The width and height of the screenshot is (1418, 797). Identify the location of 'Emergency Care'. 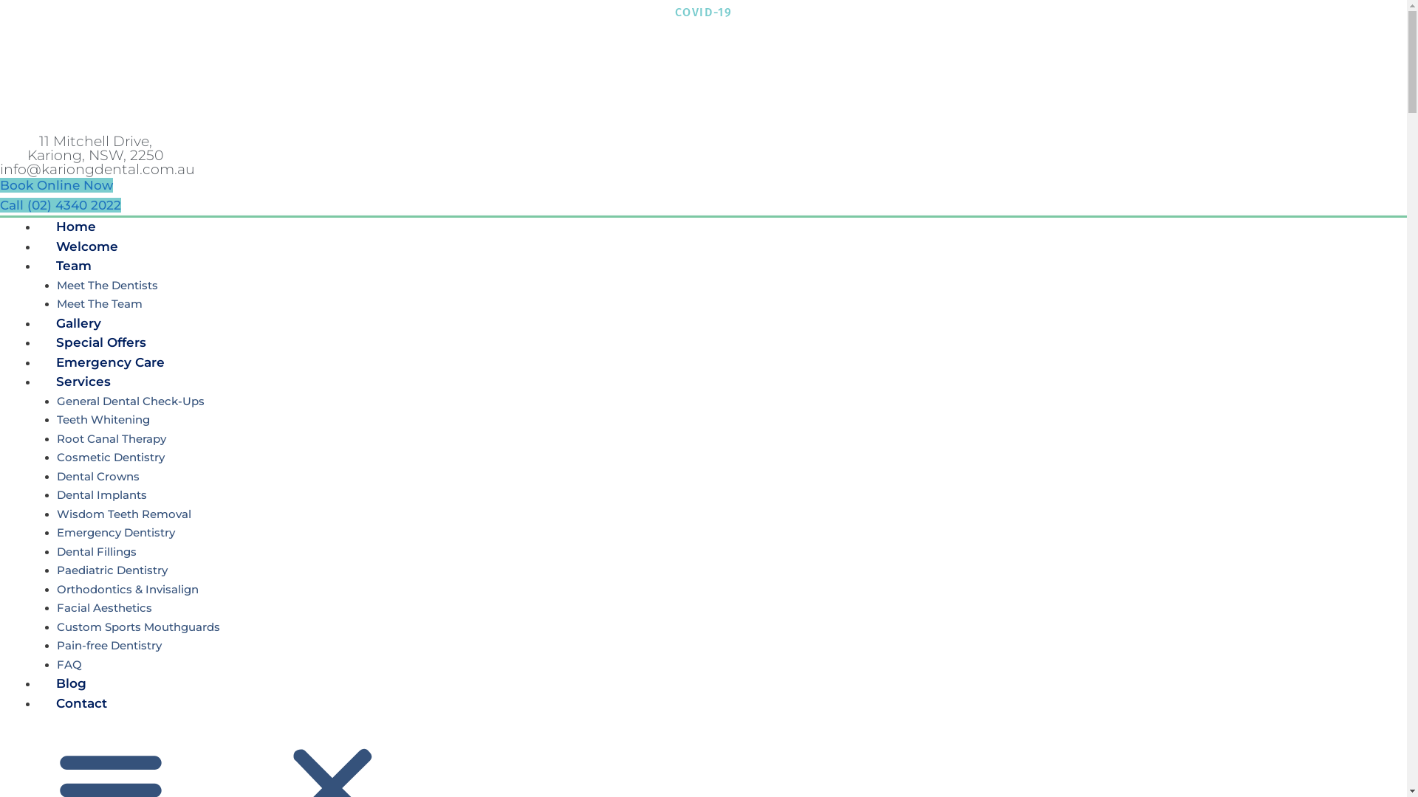
(109, 361).